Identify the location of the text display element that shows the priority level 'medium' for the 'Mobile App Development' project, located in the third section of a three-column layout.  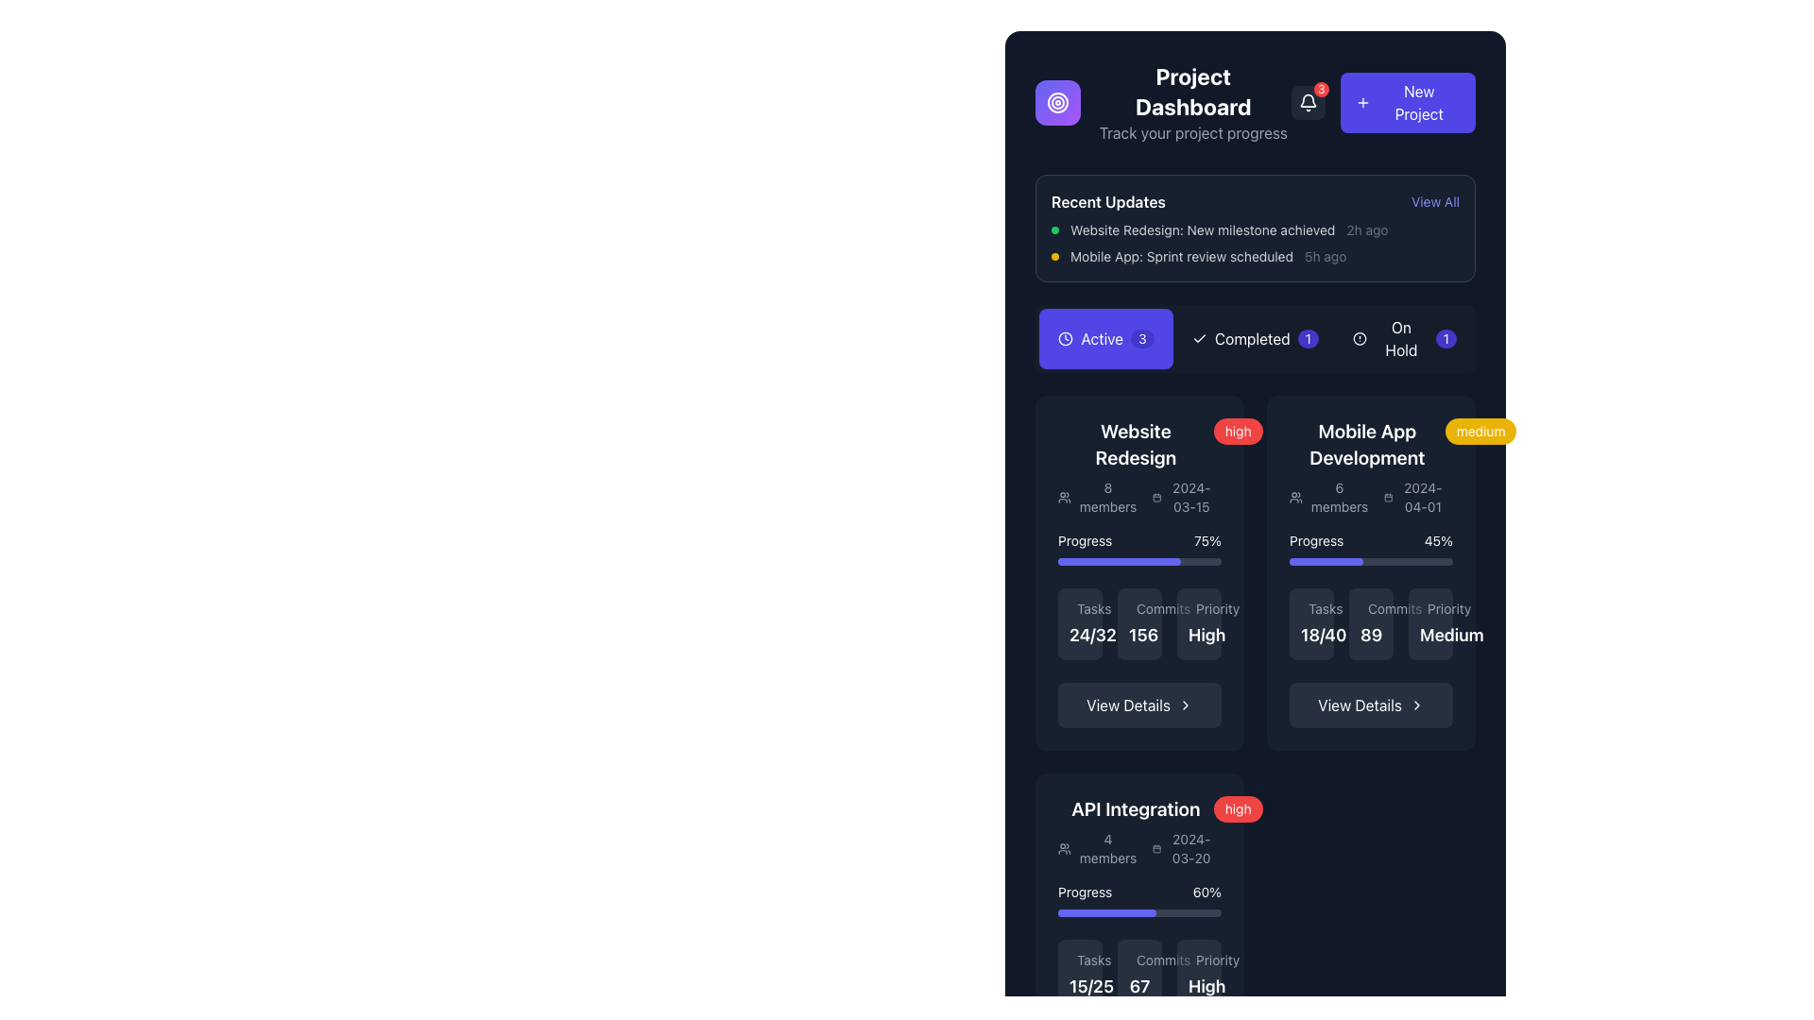
(1430, 623).